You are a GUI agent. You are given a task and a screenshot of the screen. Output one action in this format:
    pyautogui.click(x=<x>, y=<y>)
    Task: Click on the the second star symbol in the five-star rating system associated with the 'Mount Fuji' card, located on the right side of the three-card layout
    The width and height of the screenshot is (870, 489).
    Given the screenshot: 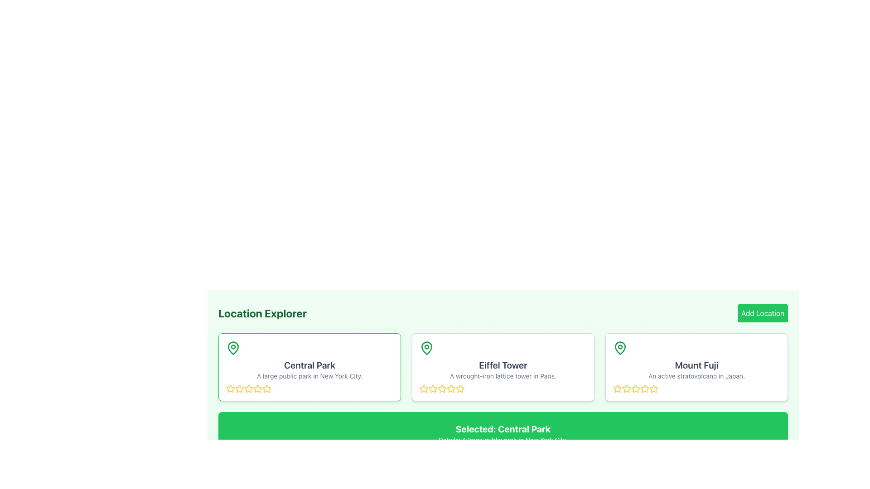 What is the action you would take?
    pyautogui.click(x=626, y=388)
    